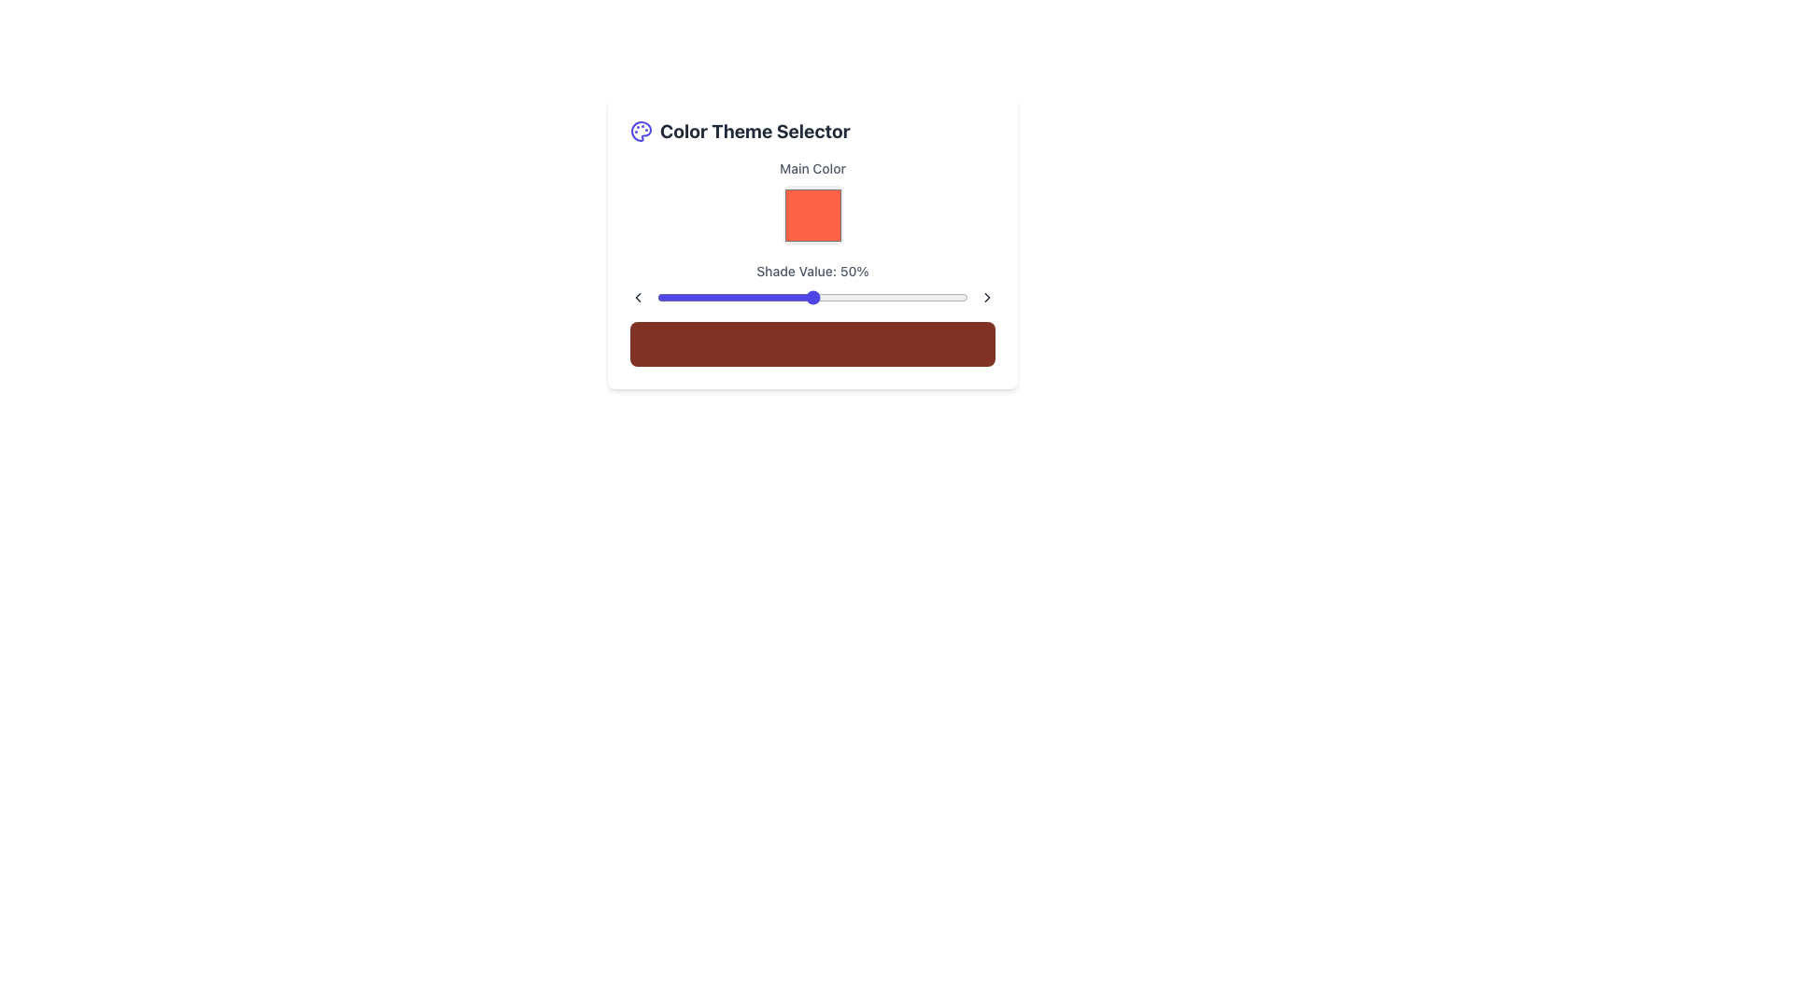 This screenshot has height=1008, width=1793. What do you see at coordinates (812, 215) in the screenshot?
I see `the Color Picker located in the 'Main Color' section` at bounding box center [812, 215].